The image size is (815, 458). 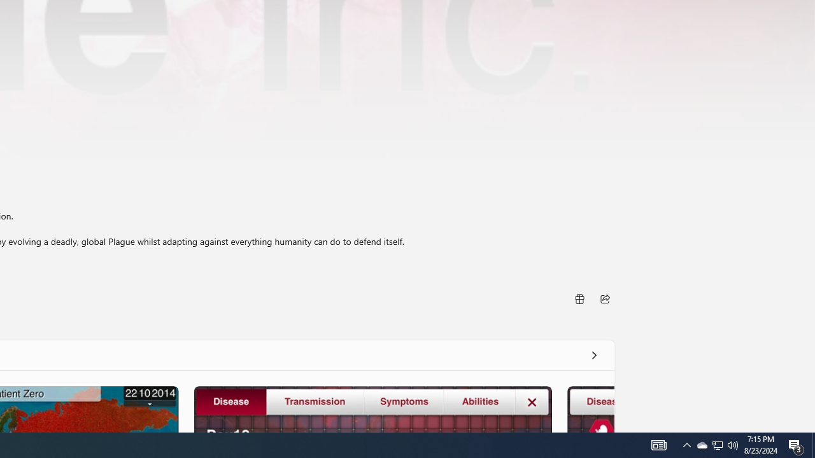 What do you see at coordinates (593, 355) in the screenshot?
I see `'See all'` at bounding box center [593, 355].